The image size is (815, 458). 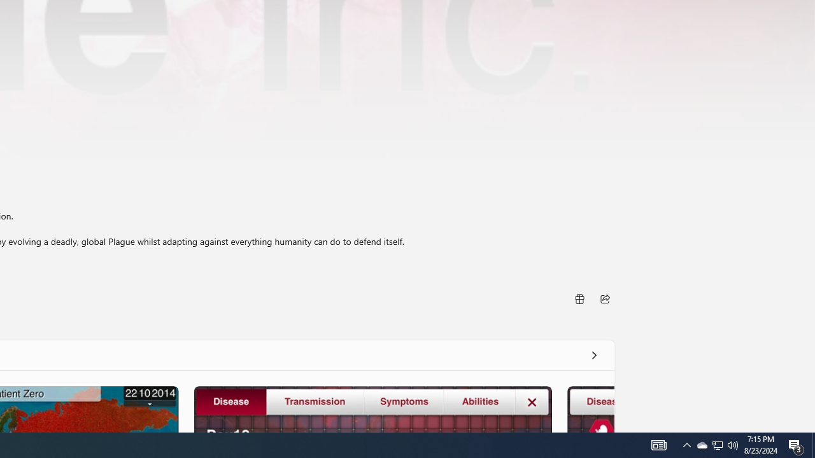 What do you see at coordinates (593, 355) in the screenshot?
I see `'See all'` at bounding box center [593, 355].